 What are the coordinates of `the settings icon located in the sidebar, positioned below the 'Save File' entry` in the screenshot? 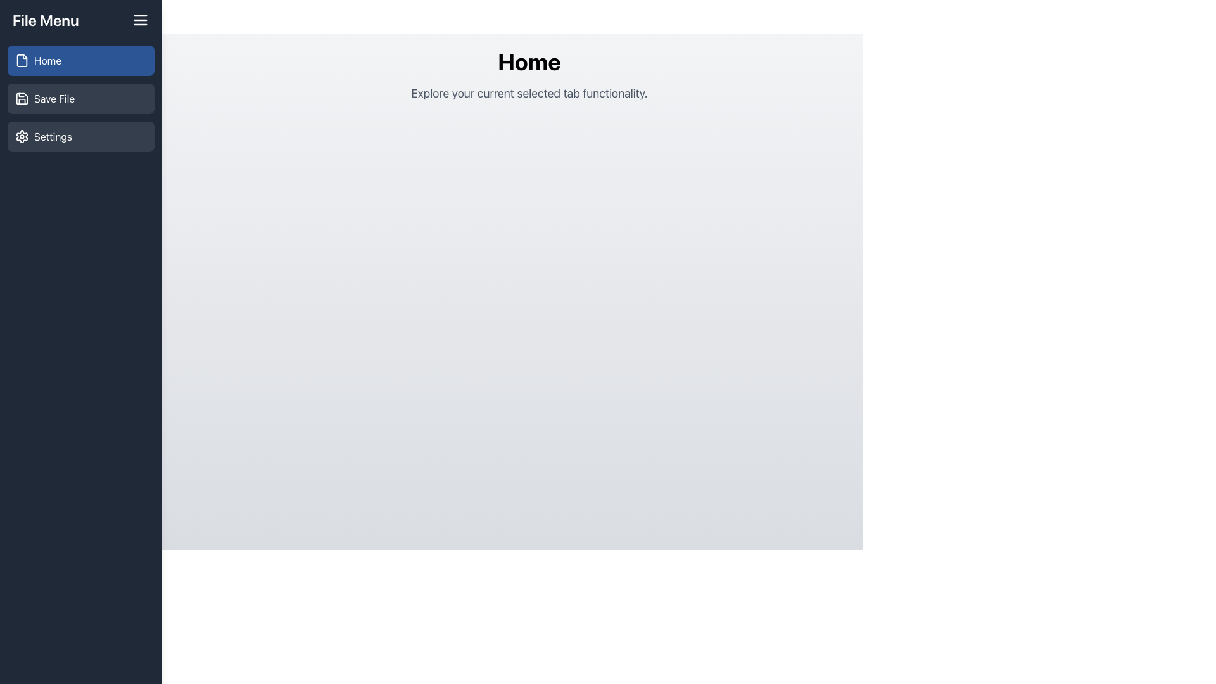 It's located at (22, 137).